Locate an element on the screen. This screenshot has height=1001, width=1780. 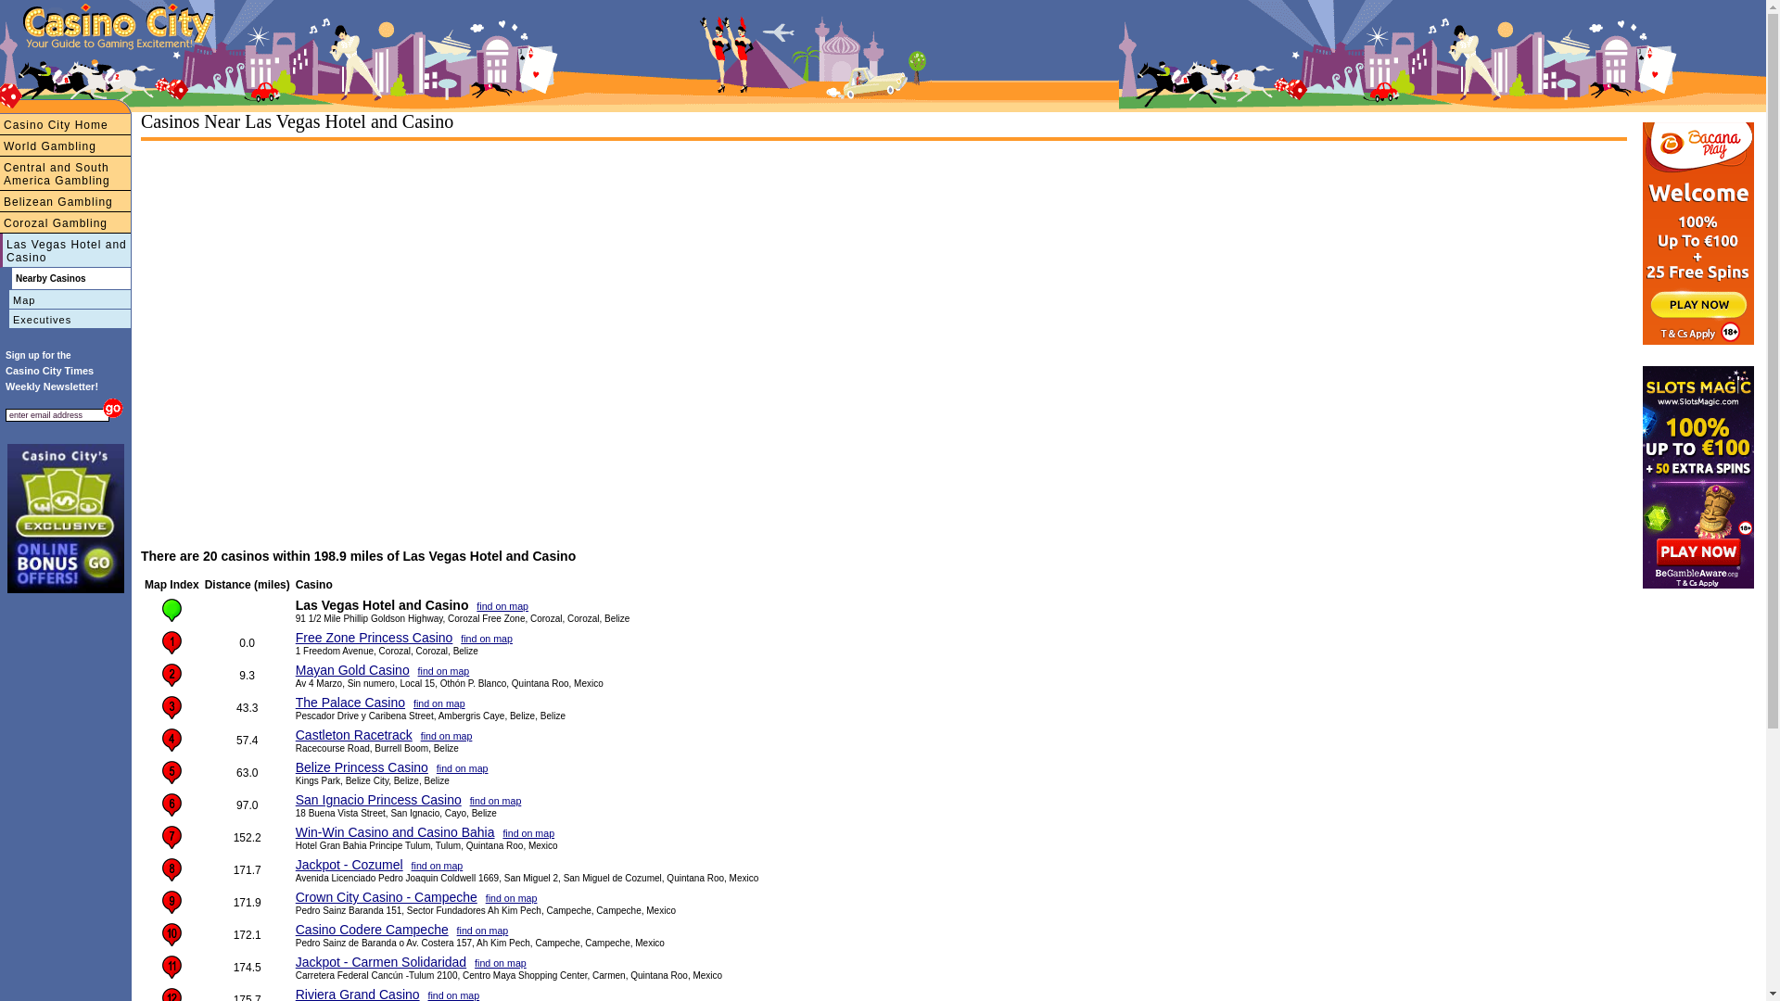
'find on map' is located at coordinates (439, 703).